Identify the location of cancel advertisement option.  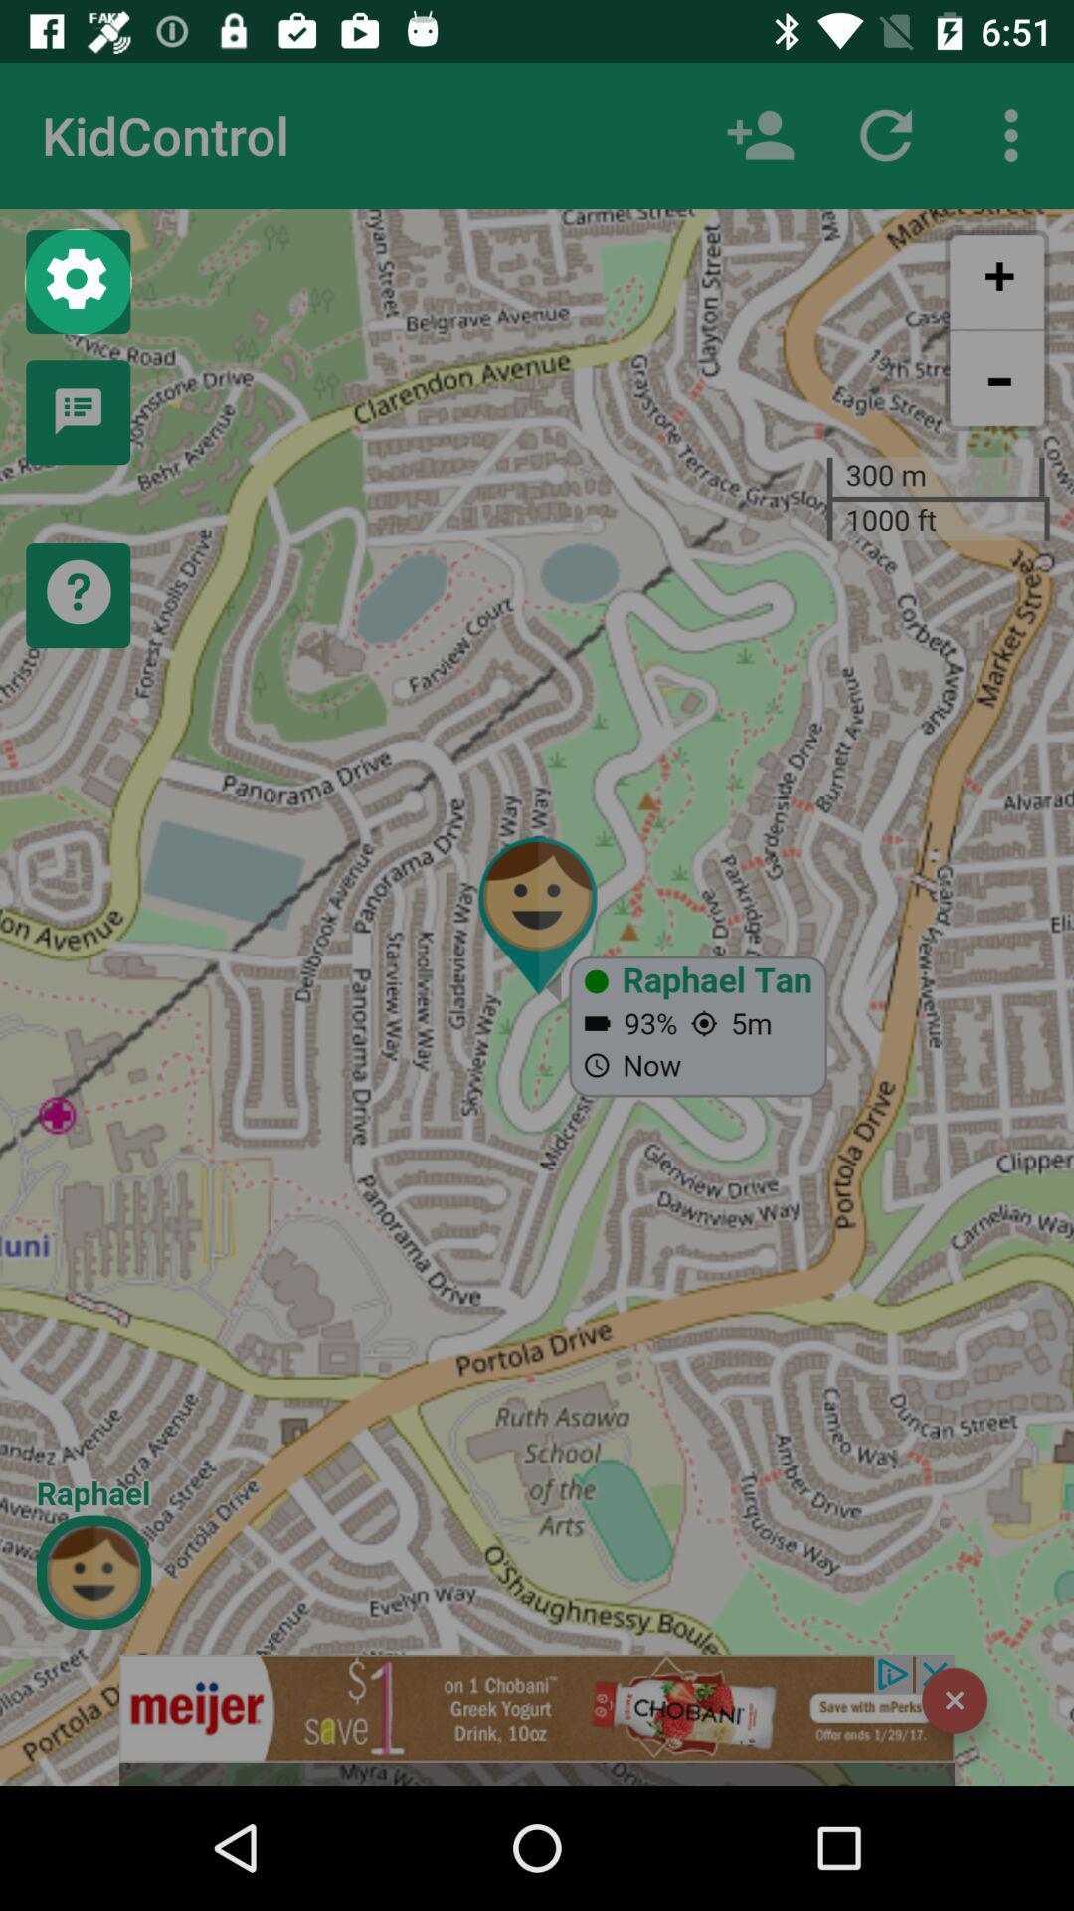
(954, 1699).